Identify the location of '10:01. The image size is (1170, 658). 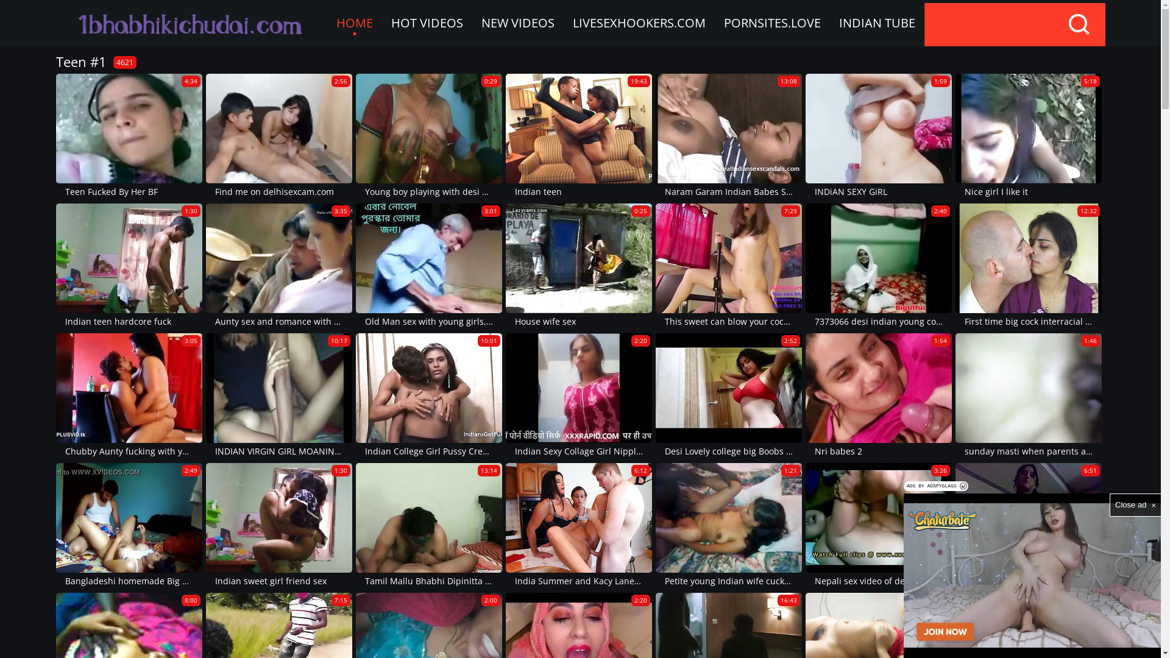
(429, 396).